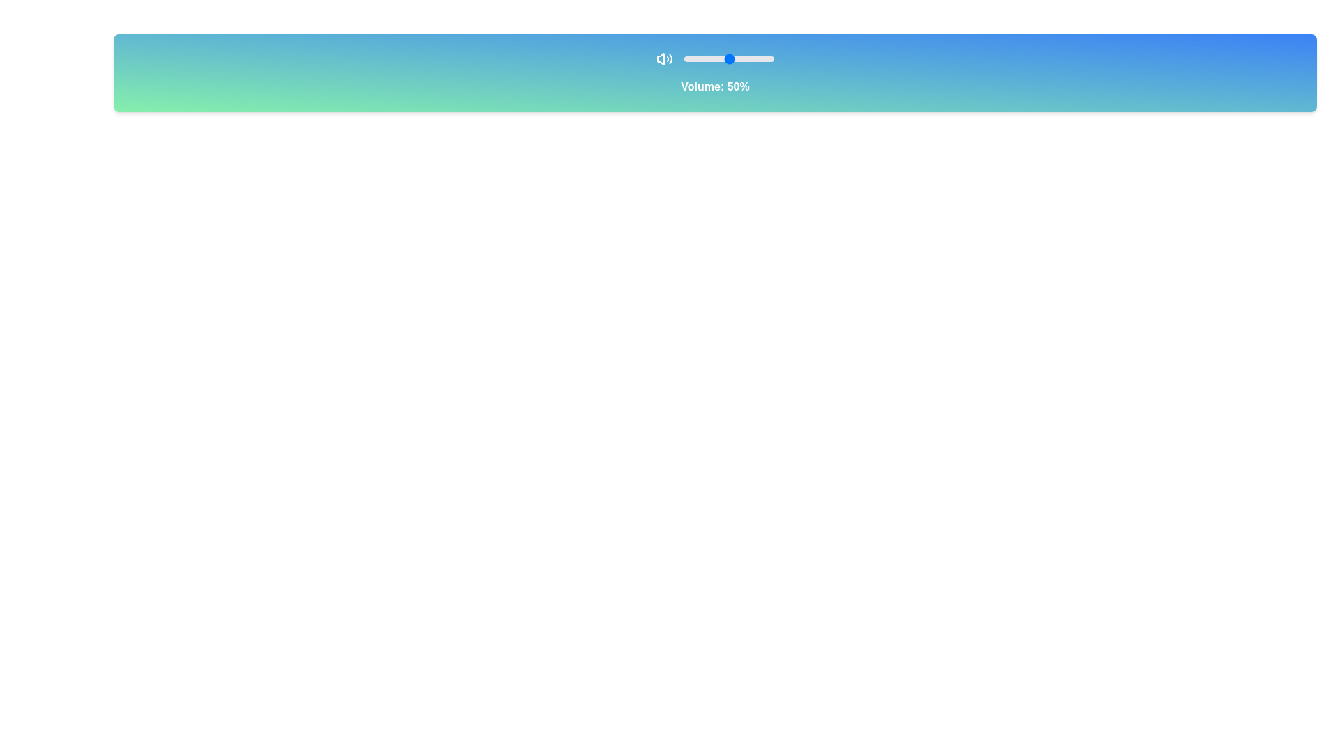 This screenshot has width=1338, height=752. What do you see at coordinates (695, 58) in the screenshot?
I see `the slider` at bounding box center [695, 58].